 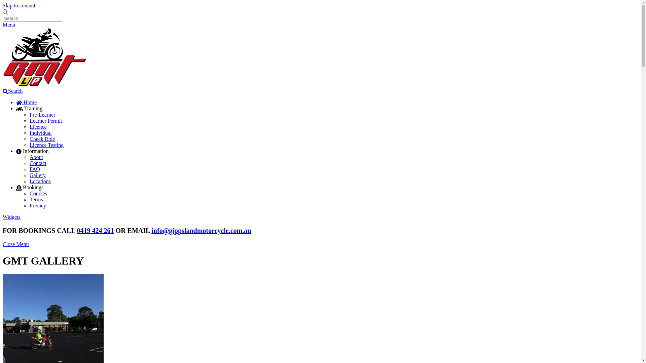 What do you see at coordinates (42, 114) in the screenshot?
I see `'Pre-Learner'` at bounding box center [42, 114].